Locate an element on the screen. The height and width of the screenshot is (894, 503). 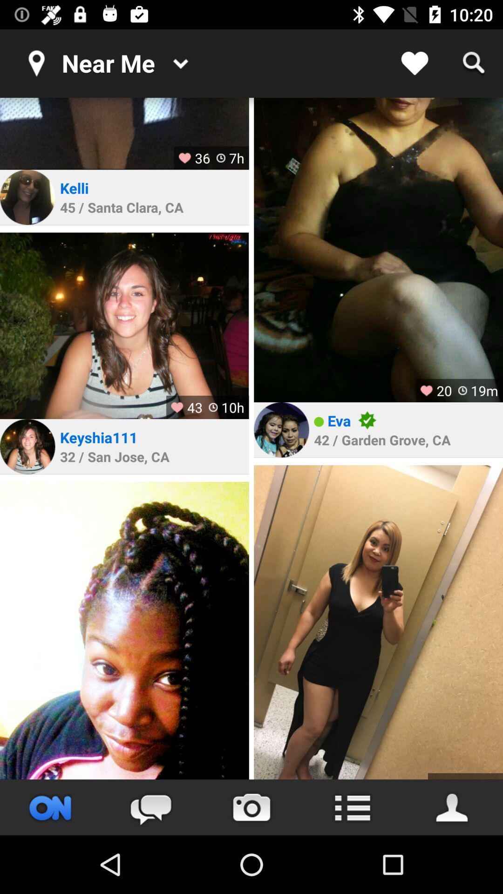
featured picture is located at coordinates (124, 630).